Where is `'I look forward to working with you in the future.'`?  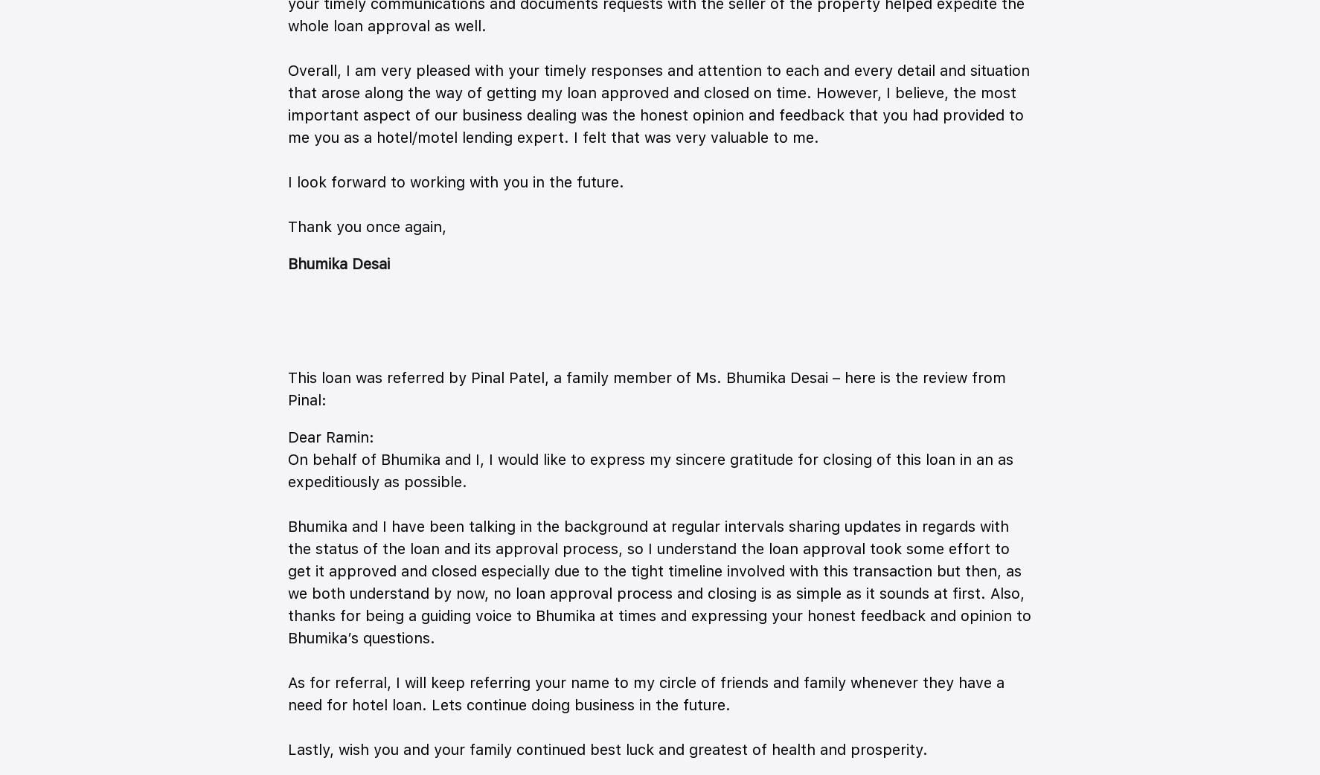
'I look forward to working with you in the future.' is located at coordinates (455, 181).